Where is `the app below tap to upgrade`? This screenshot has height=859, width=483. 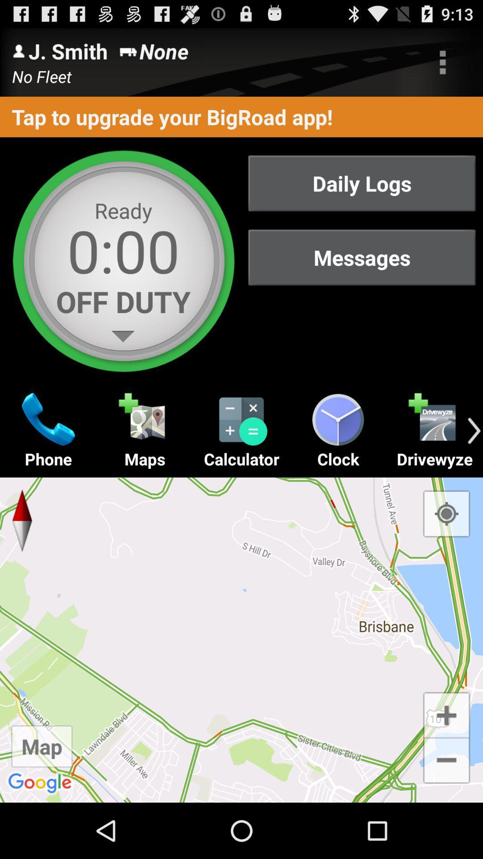
the app below tap to upgrade is located at coordinates (361, 183).